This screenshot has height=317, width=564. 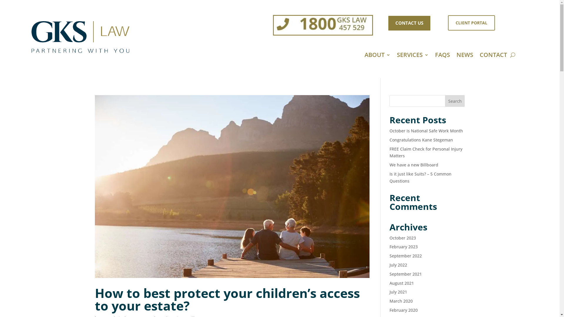 What do you see at coordinates (414, 165) in the screenshot?
I see `'We have a new Billboard'` at bounding box center [414, 165].